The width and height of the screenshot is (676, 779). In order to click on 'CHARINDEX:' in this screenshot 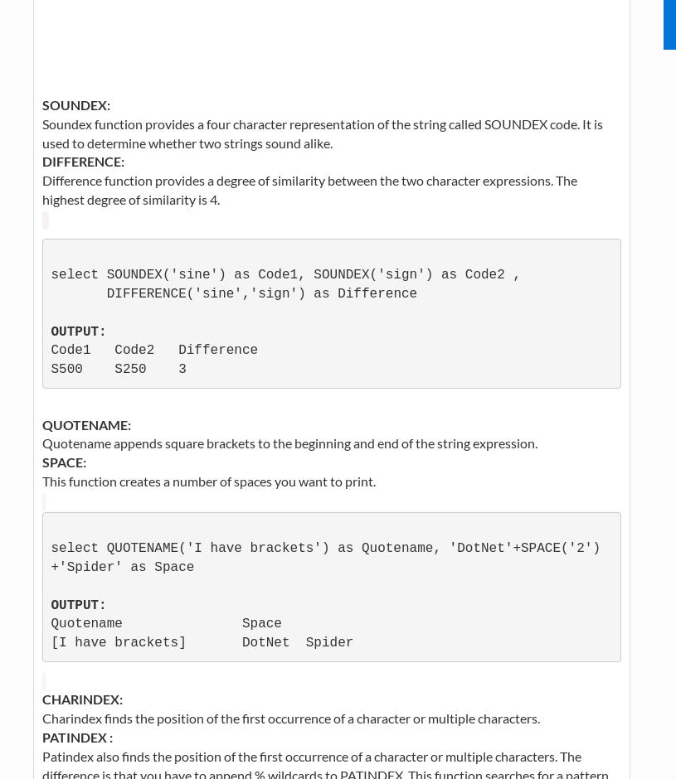, I will do `click(81, 698)`.